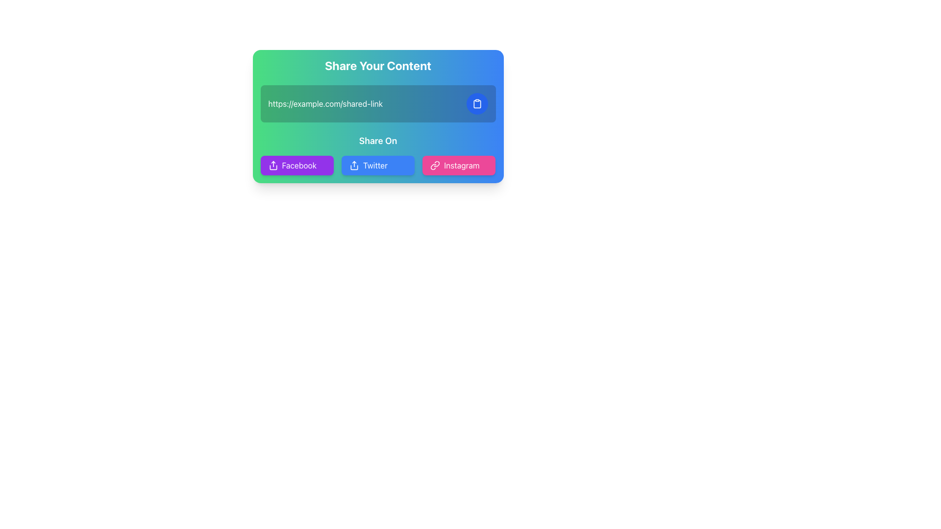 Image resolution: width=941 pixels, height=529 pixels. Describe the element at coordinates (377, 66) in the screenshot. I see `the prominent text header displaying 'Share Your Content' styled in bold font, located at the top of a colorful card with a green to blue gradient background` at that location.